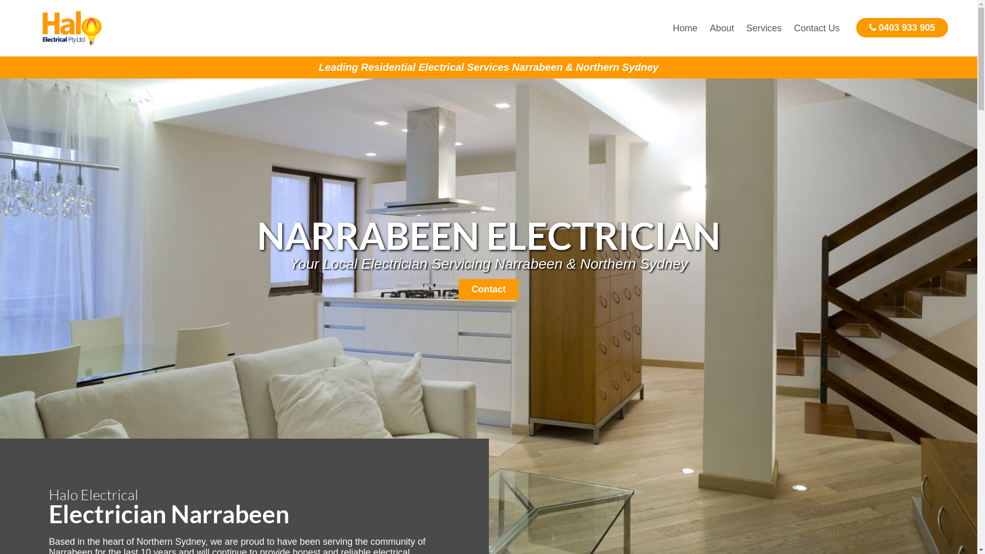  What do you see at coordinates (787, 27) in the screenshot?
I see `'Contact Us'` at bounding box center [787, 27].